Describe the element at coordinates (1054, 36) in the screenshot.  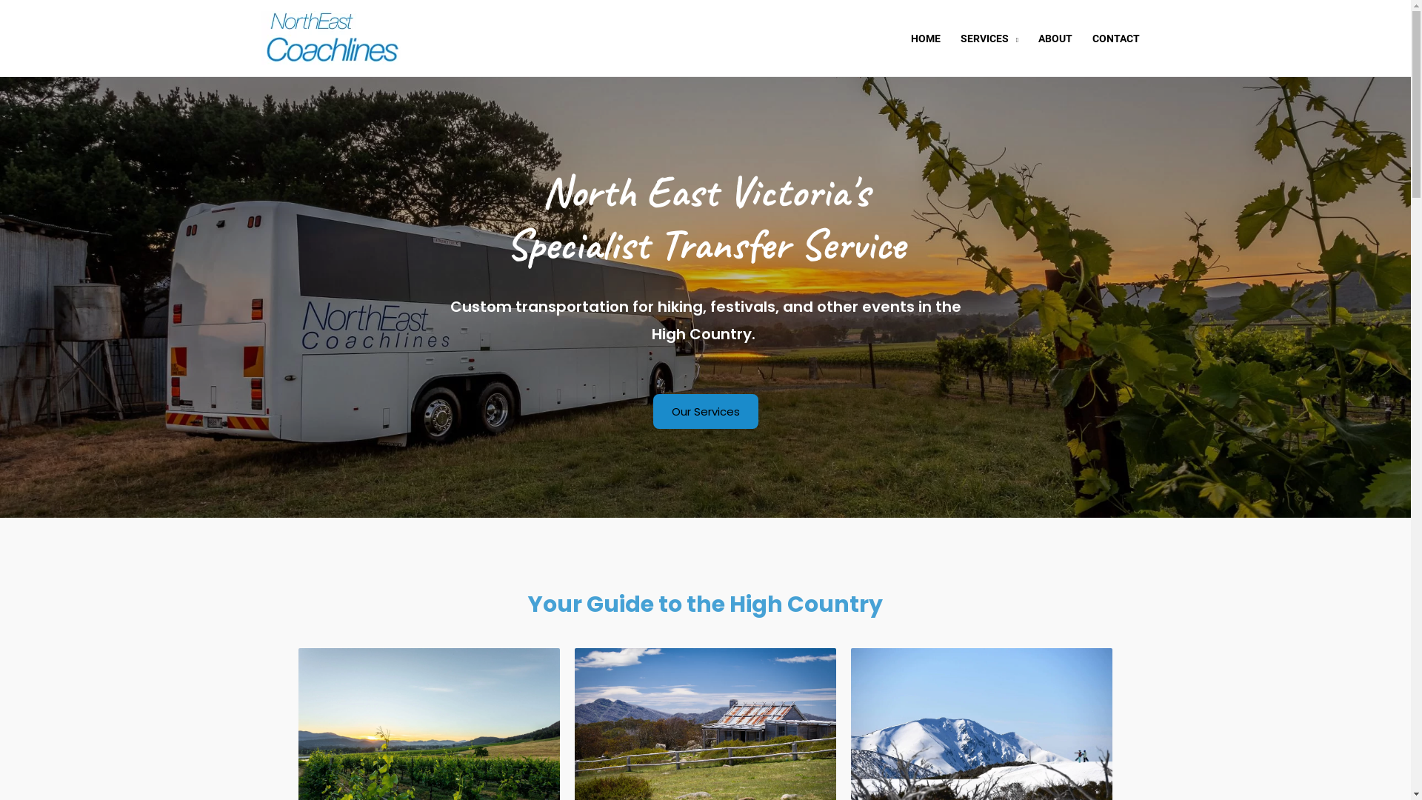
I see `'ABOUT'` at that location.